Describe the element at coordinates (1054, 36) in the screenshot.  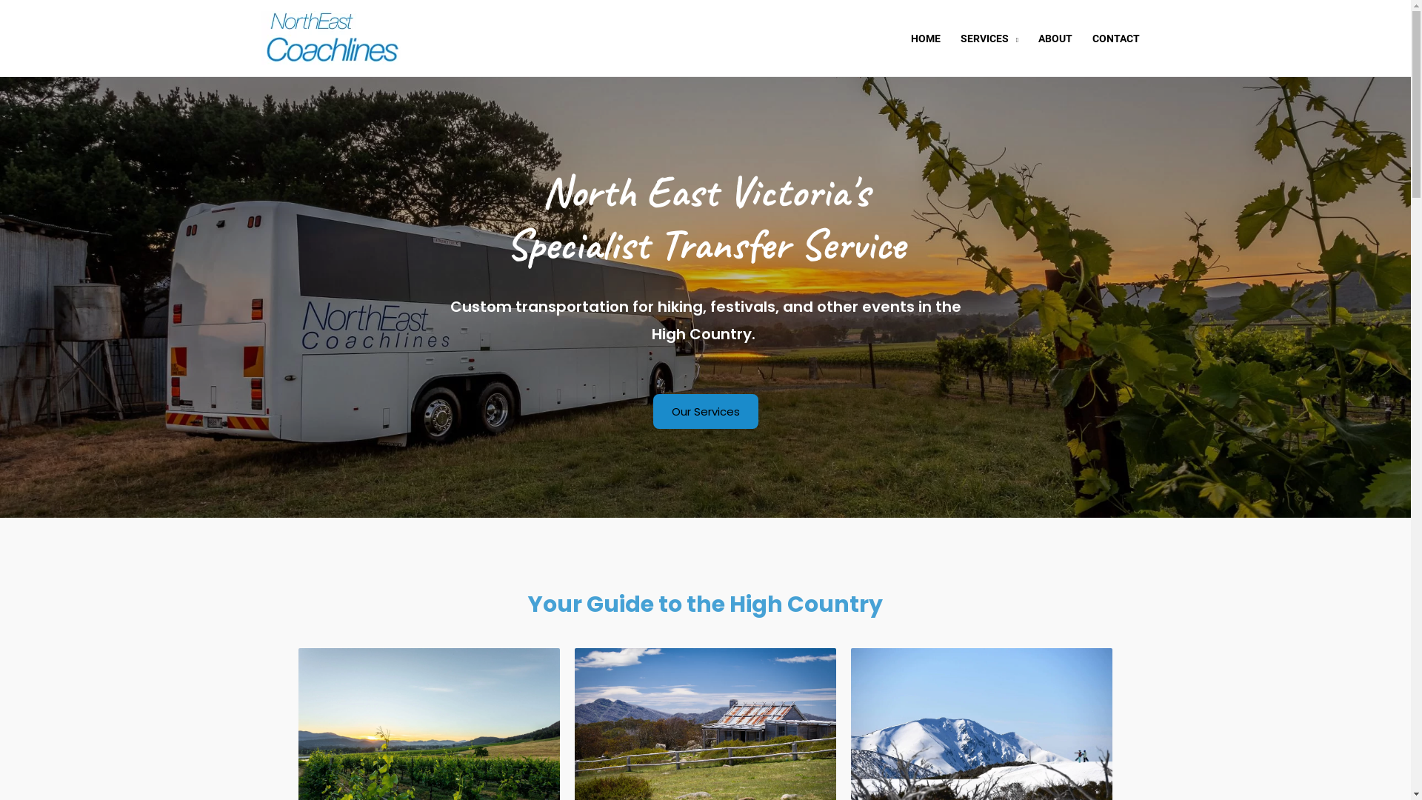
I see `'ABOUT'` at that location.